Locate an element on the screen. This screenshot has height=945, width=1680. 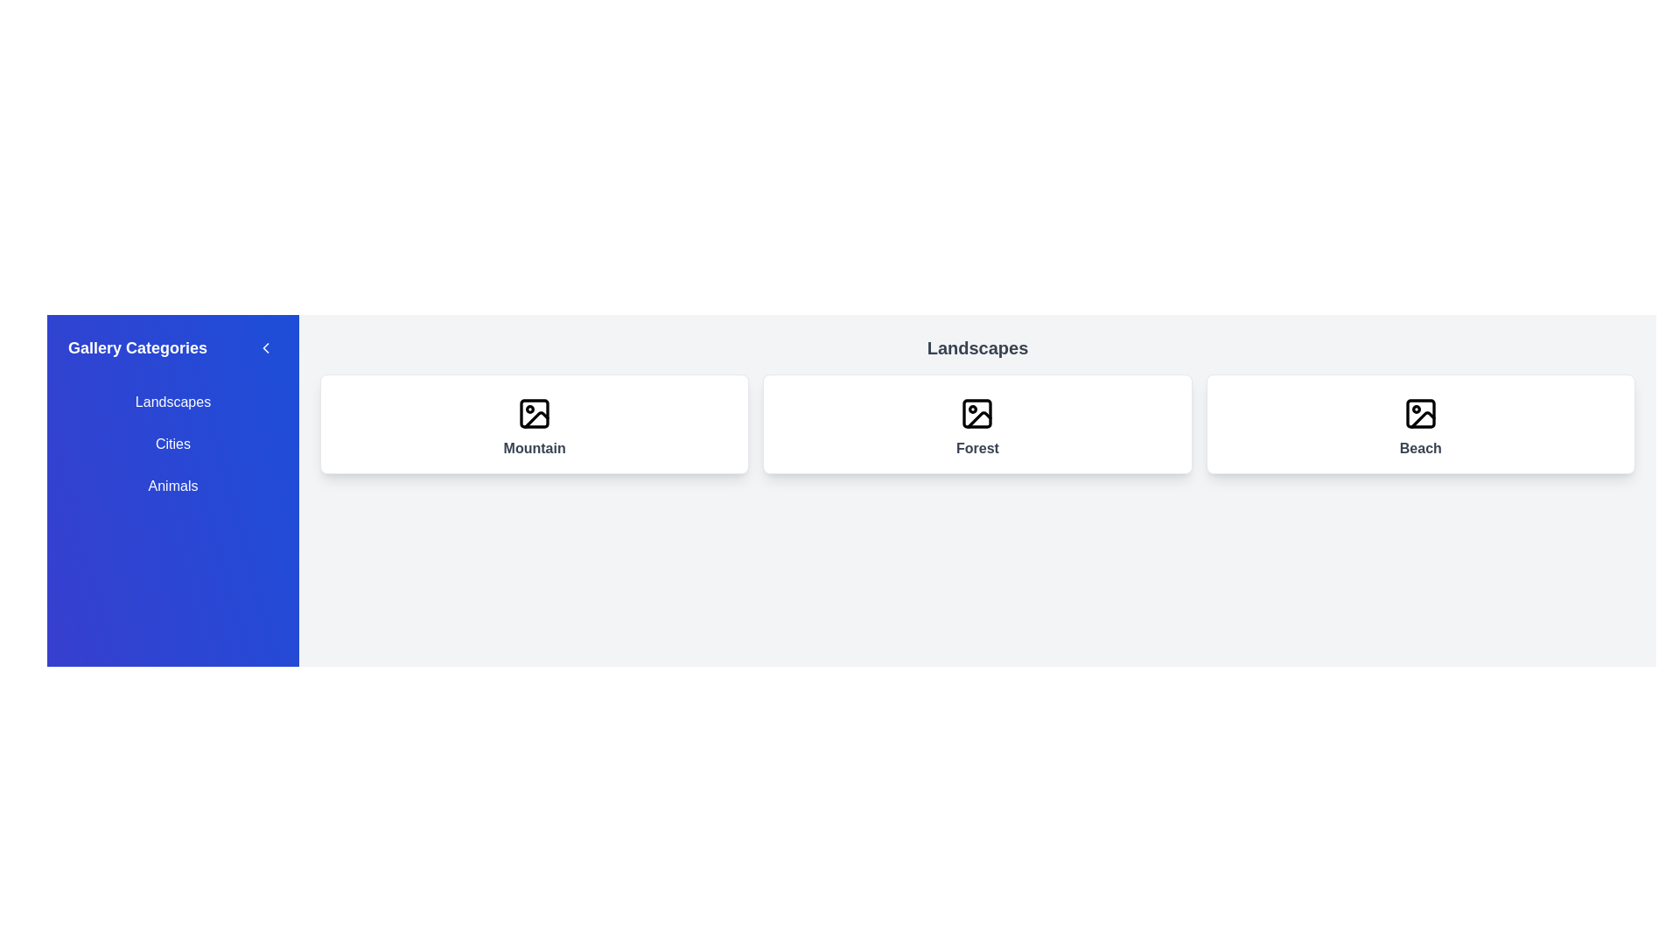
the 'Beach' text label located at the bottom-central area of the card, which serves as a descriptive label for the card's content is located at coordinates (1420, 448).